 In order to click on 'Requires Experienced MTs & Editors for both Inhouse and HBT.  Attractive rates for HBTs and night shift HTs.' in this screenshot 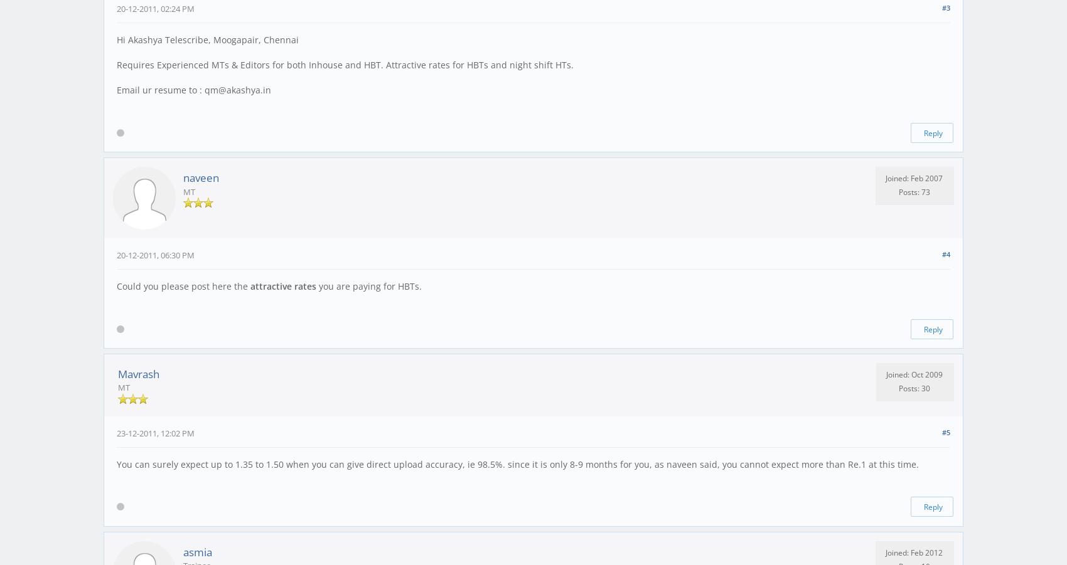, I will do `click(344, 65)`.